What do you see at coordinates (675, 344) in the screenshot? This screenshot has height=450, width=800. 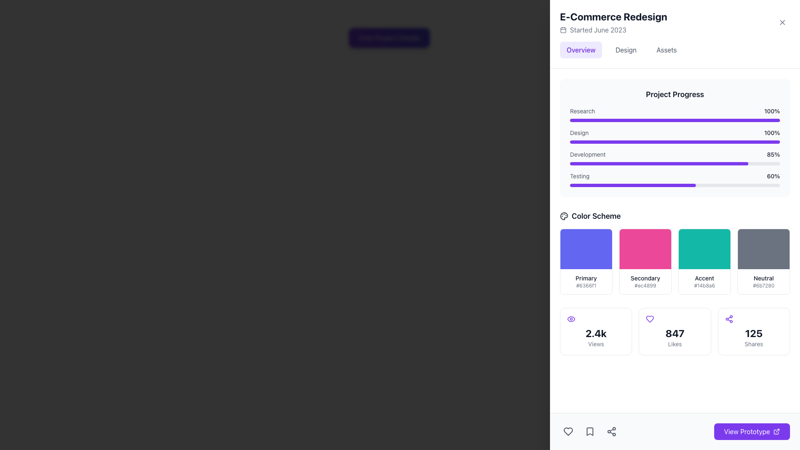 I see `the 'Likes' text label, which is small, gray, and located directly beneath the bold number '847'` at bounding box center [675, 344].